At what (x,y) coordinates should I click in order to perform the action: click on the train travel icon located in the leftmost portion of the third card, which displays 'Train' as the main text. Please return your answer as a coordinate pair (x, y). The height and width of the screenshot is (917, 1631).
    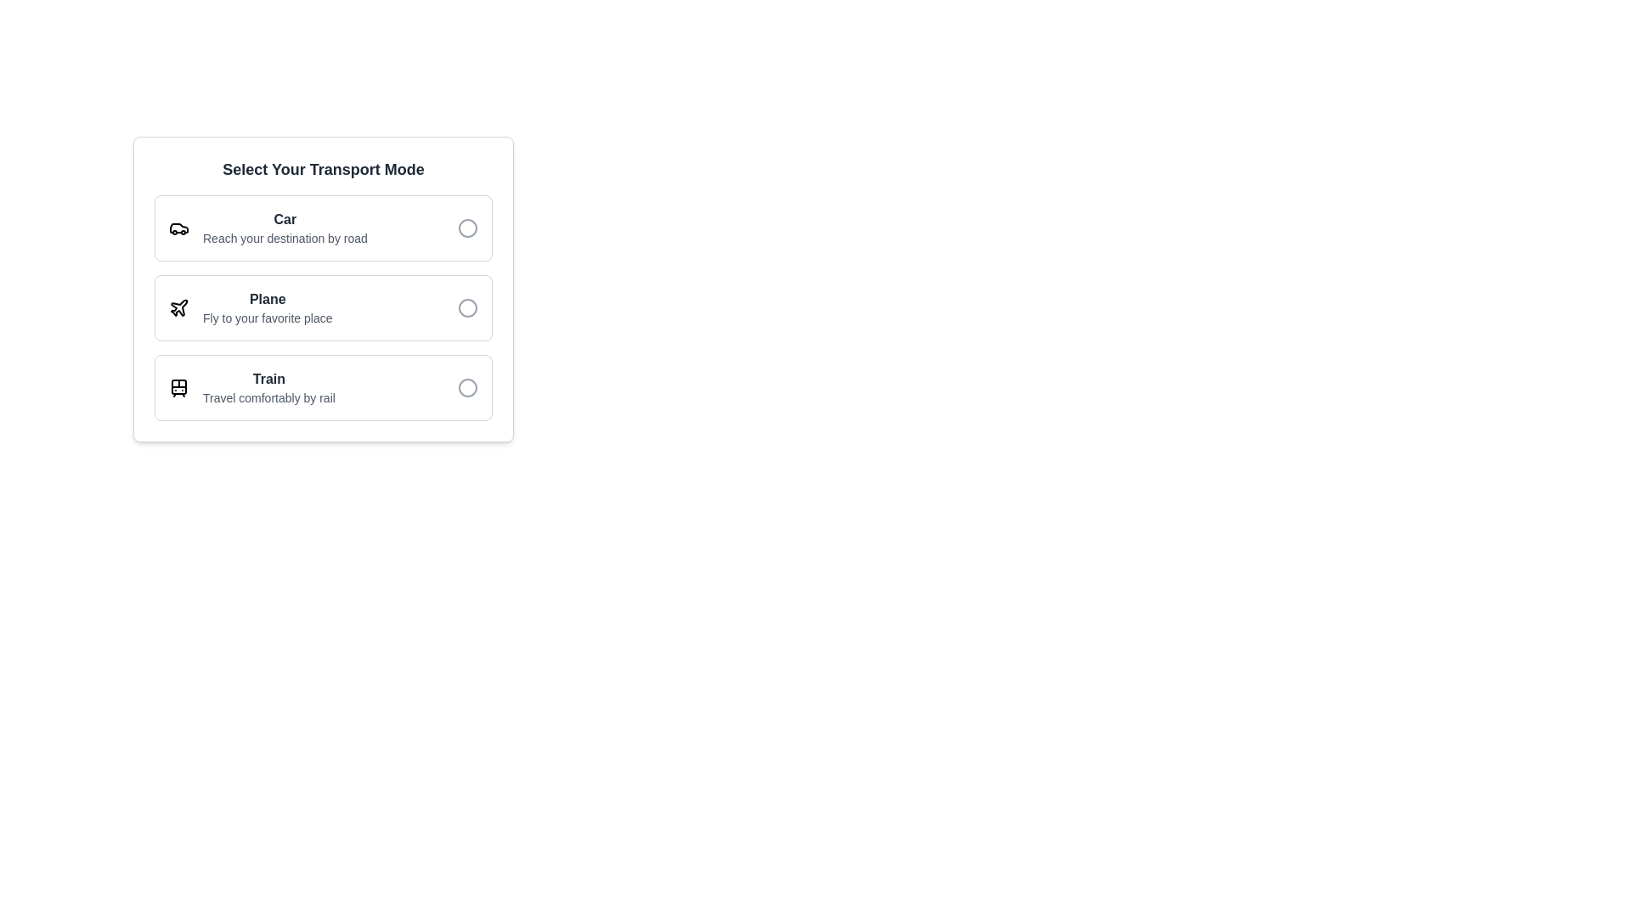
    Looking at the image, I should click on (179, 387).